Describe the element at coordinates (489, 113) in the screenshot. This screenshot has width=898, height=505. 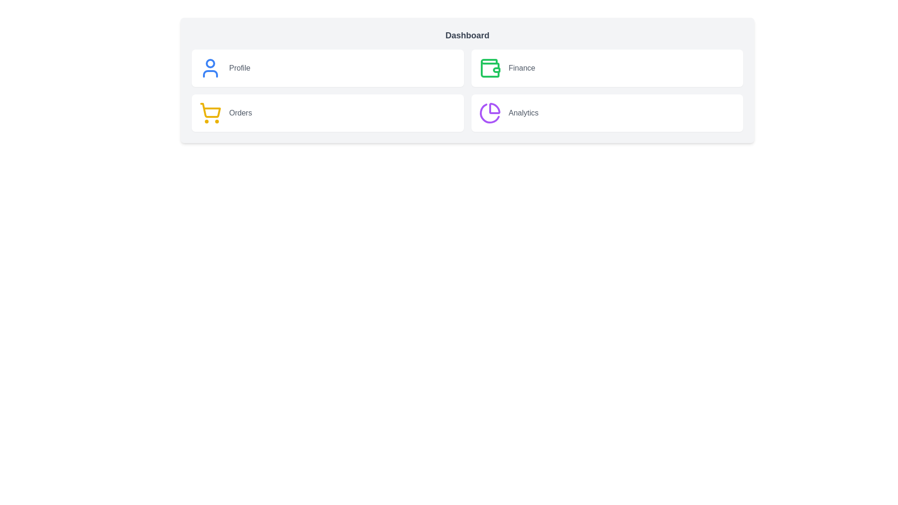
I see `the pie chart icon located in the 'Analytics' section, which is the bottom-right item within a grid of four sections (Profile, Finance, Orders, and Analytics)` at that location.